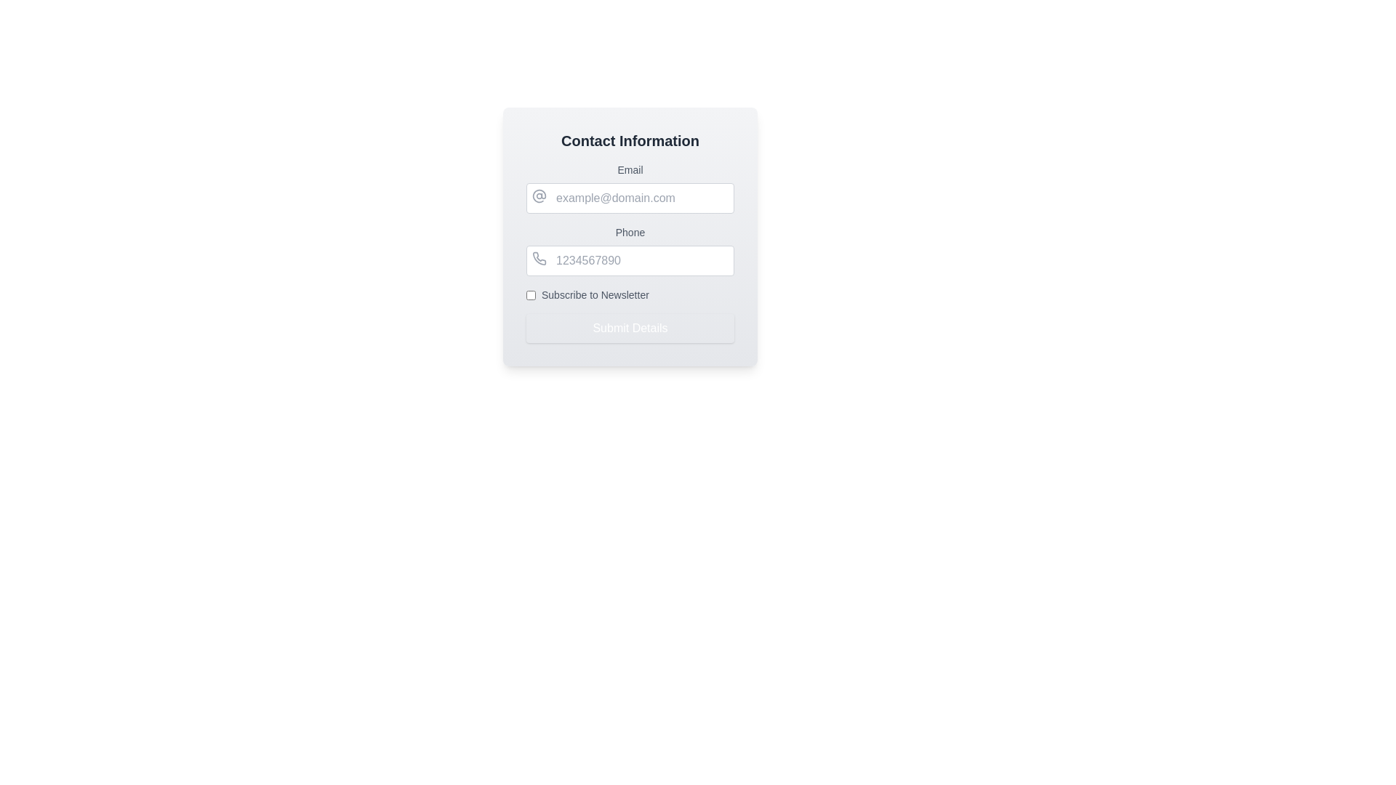 Image resolution: width=1396 pixels, height=785 pixels. Describe the element at coordinates (530, 294) in the screenshot. I see `the small, square checkbox styled with a gray accent, located to the left of the text 'Subscribe to Newsletter', for potential visual feedback` at that location.